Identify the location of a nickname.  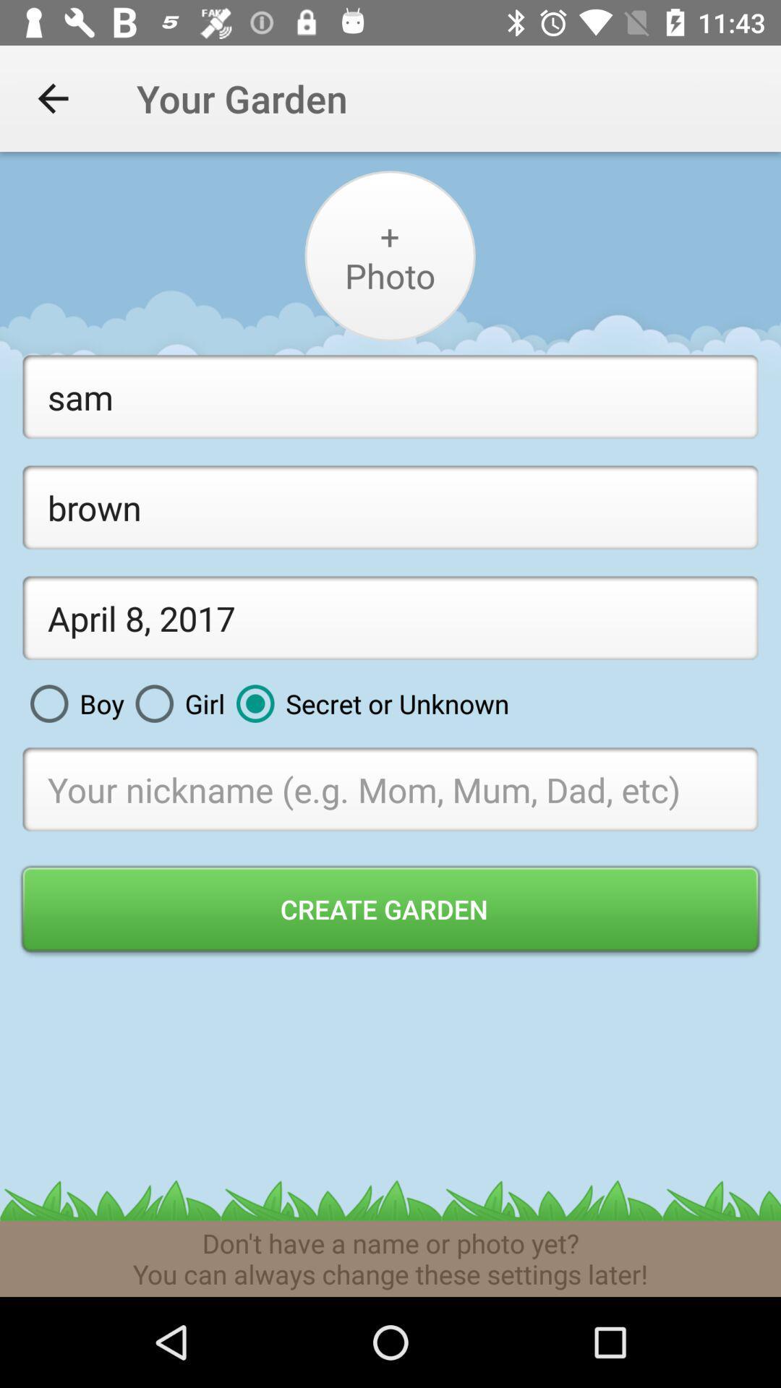
(390, 788).